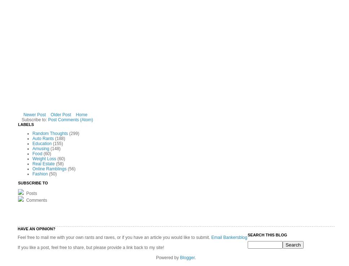 Image resolution: width=349 pixels, height=266 pixels. What do you see at coordinates (26, 124) in the screenshot?
I see `'Labels'` at bounding box center [26, 124].